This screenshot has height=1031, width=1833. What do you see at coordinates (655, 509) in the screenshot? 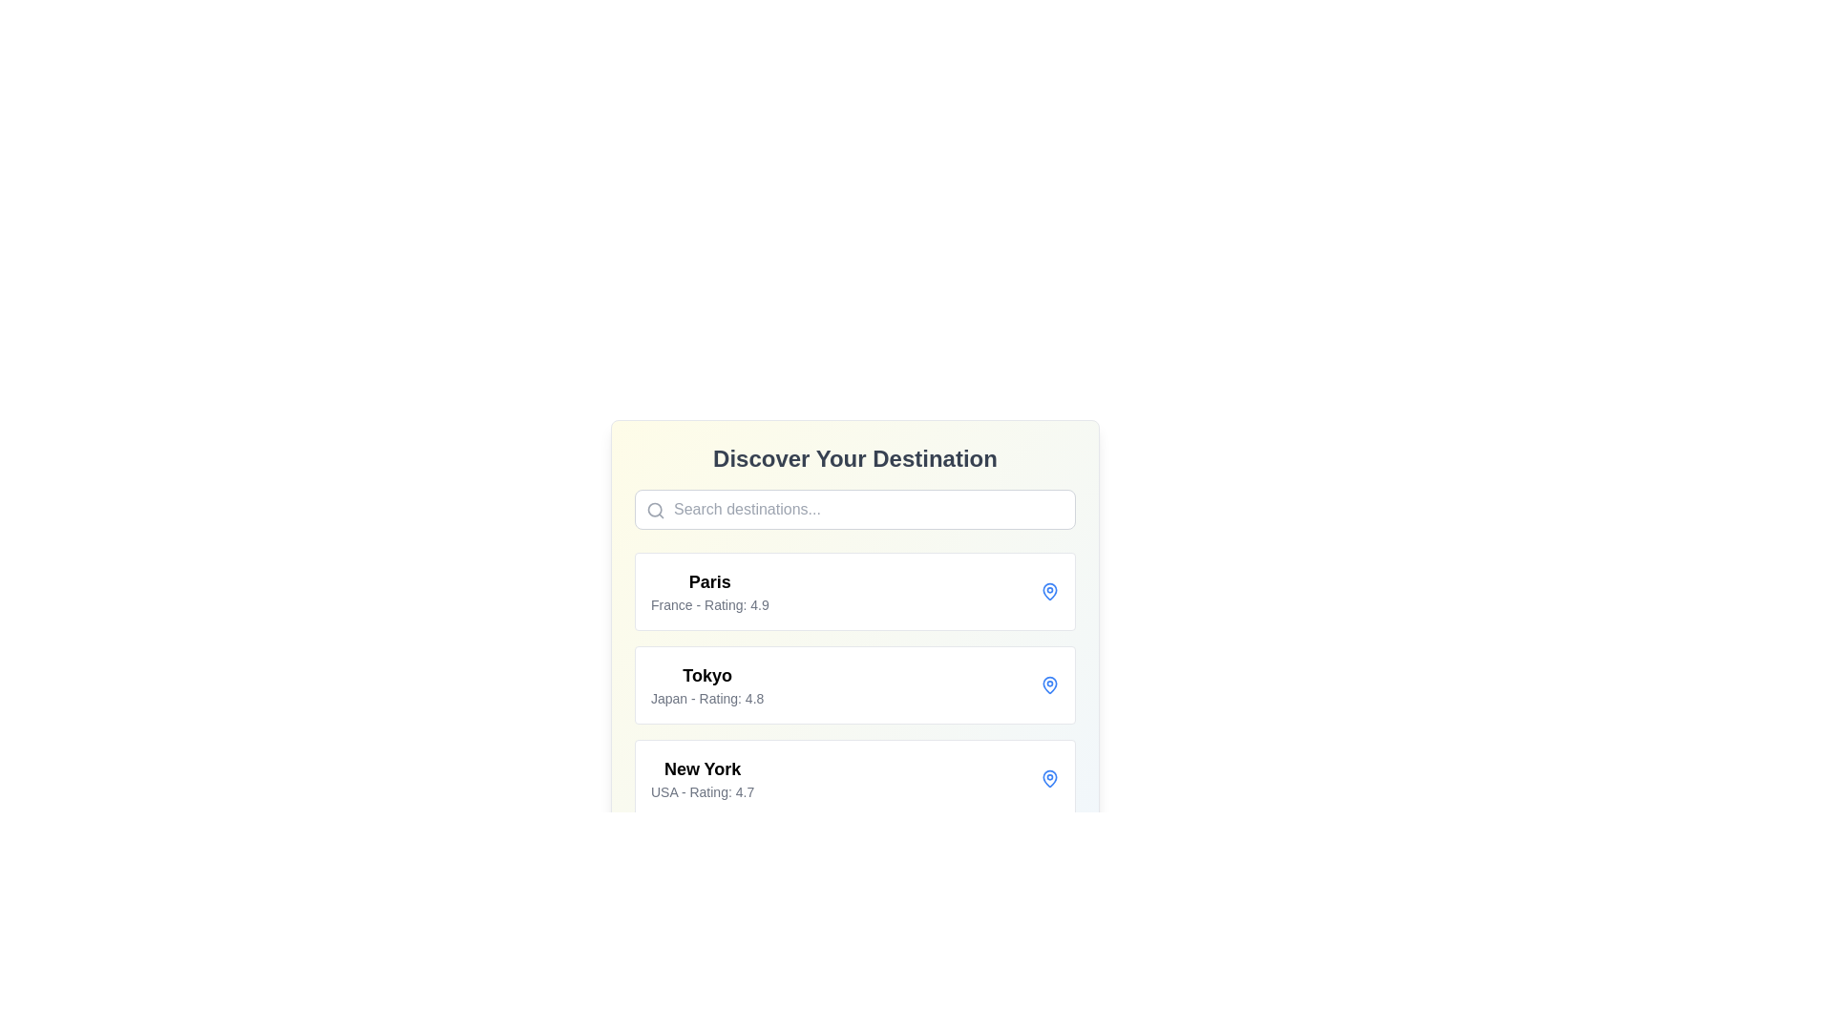
I see `the decorative component of the search icon located at the top-left corner of the search input field` at bounding box center [655, 509].